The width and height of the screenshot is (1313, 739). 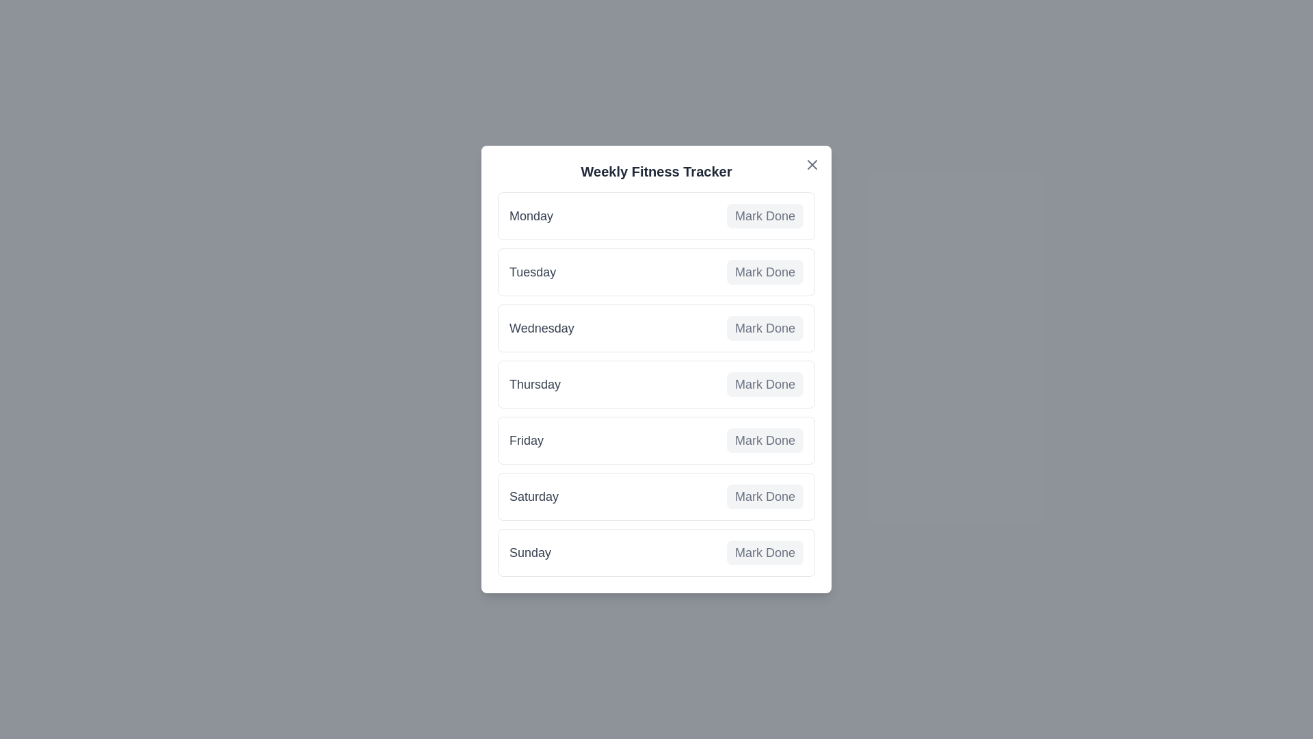 I want to click on 'Mark Done' button for Thursday, so click(x=764, y=385).